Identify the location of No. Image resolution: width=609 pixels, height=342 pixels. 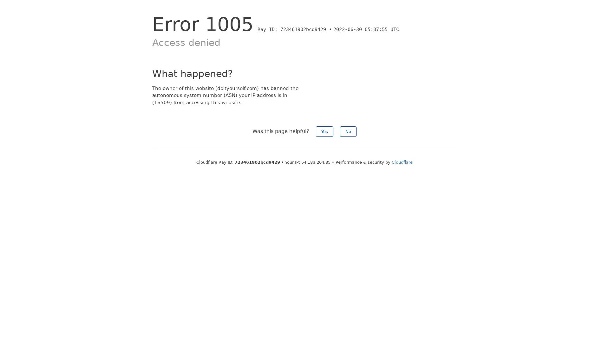
(348, 131).